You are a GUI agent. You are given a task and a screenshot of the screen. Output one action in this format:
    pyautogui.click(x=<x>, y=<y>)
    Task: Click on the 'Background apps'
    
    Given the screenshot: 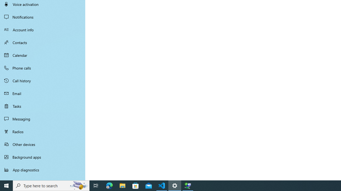 What is the action you would take?
    pyautogui.click(x=43, y=157)
    